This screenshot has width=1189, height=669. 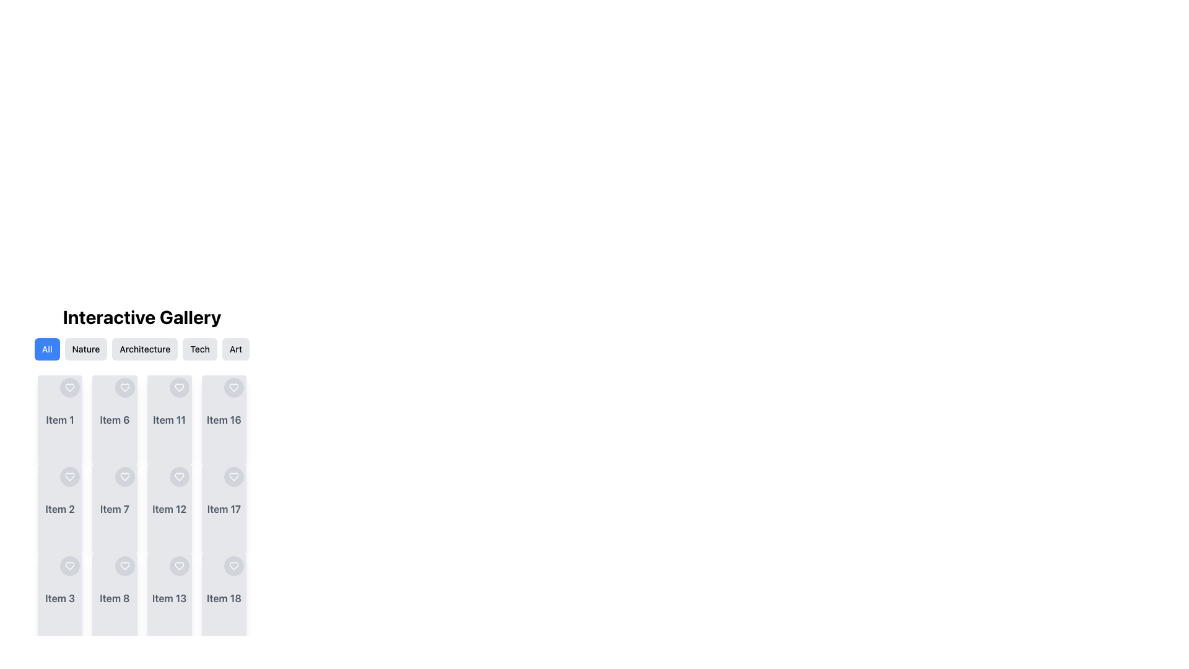 What do you see at coordinates (47, 349) in the screenshot?
I see `the 'All' button, which has a blue background and white bold text` at bounding box center [47, 349].